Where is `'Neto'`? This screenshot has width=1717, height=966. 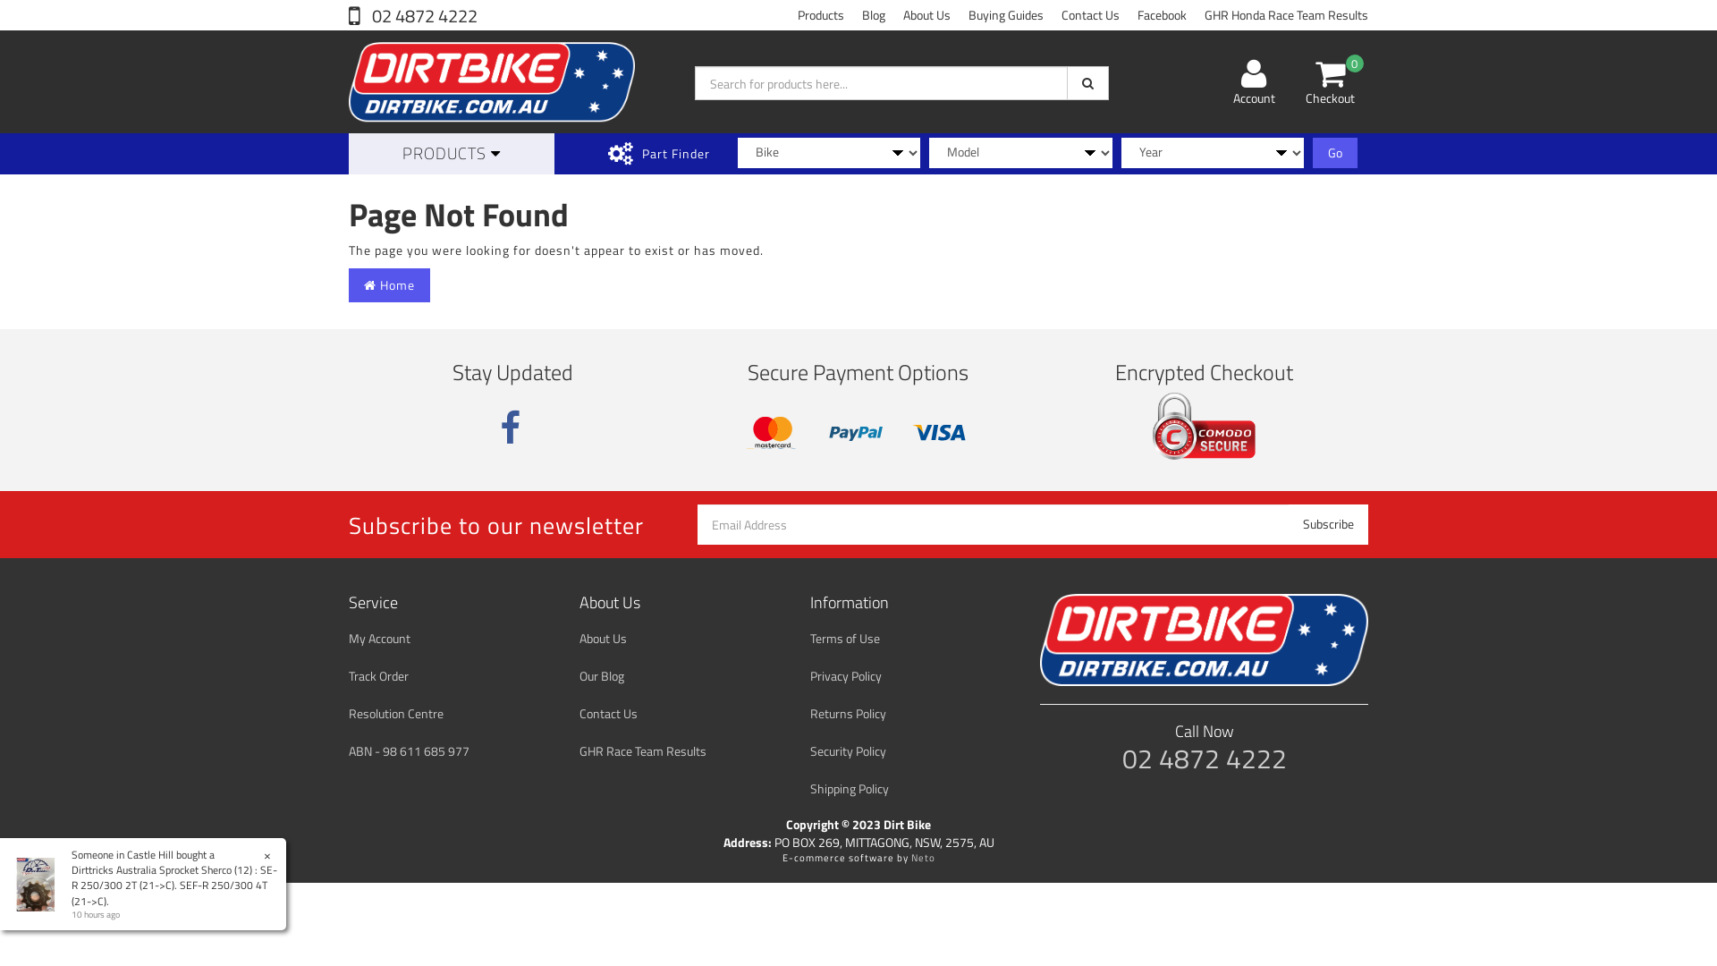
'Neto' is located at coordinates (922, 857).